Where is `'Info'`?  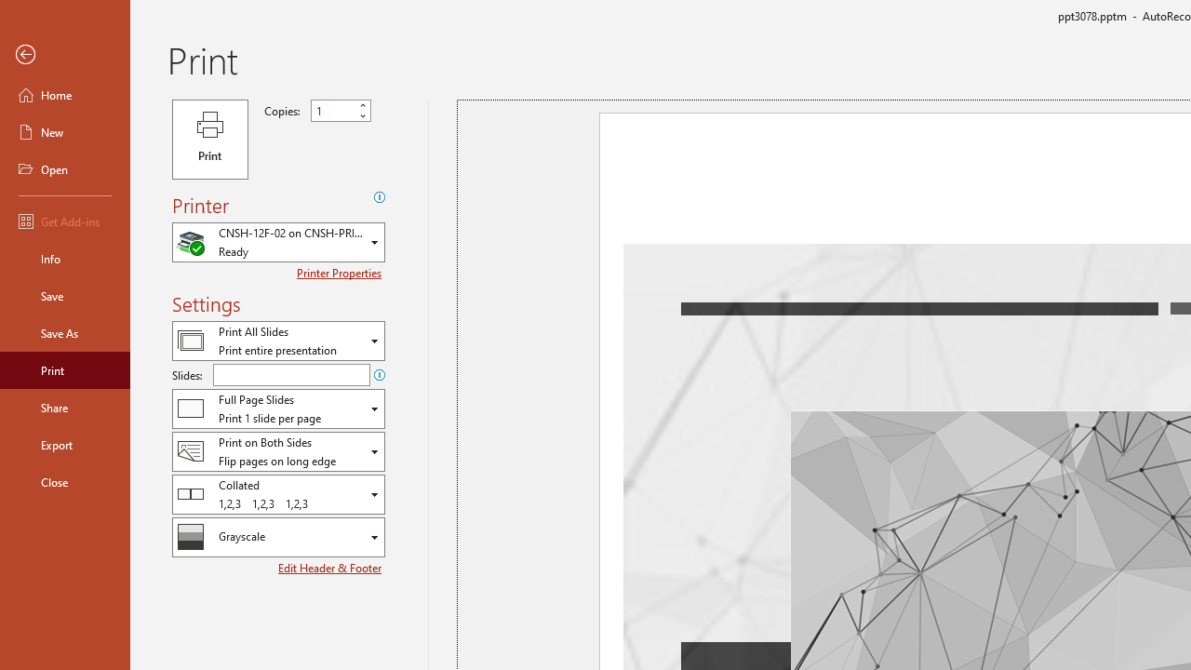 'Info' is located at coordinates (64, 258).